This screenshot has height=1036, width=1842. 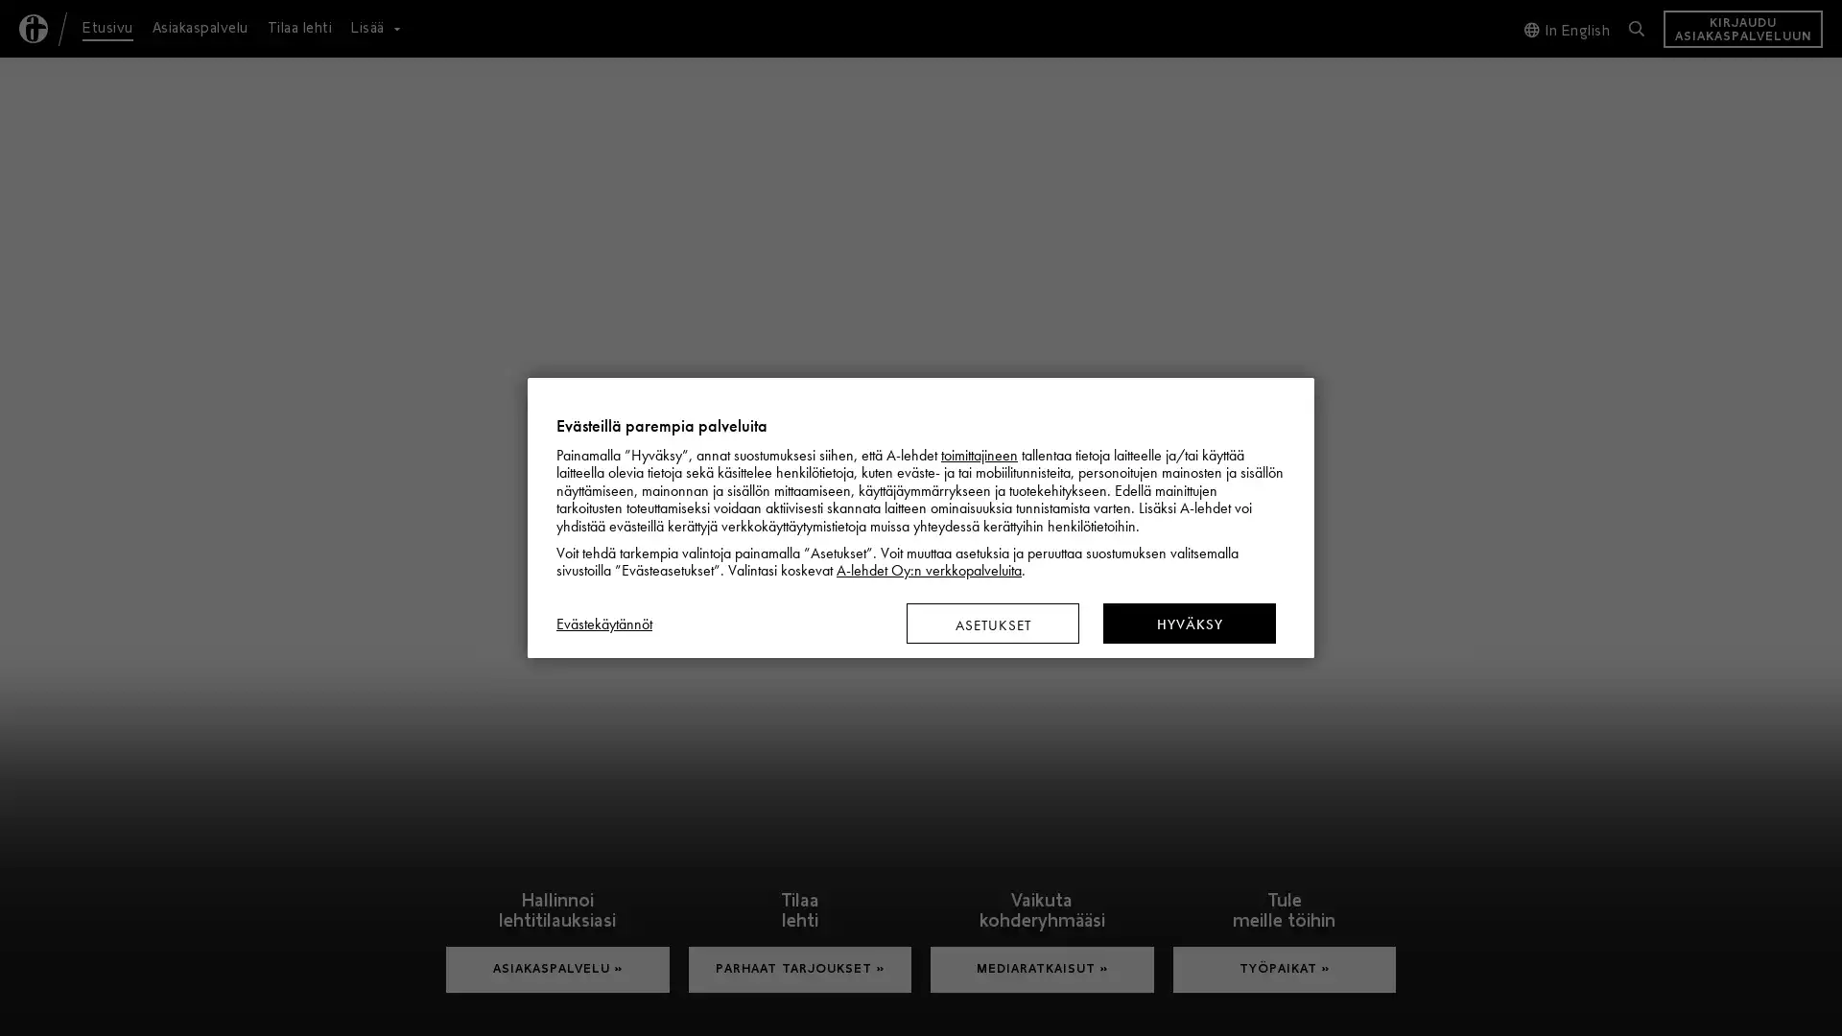 I want to click on ASETUKSET, so click(x=993, y=622).